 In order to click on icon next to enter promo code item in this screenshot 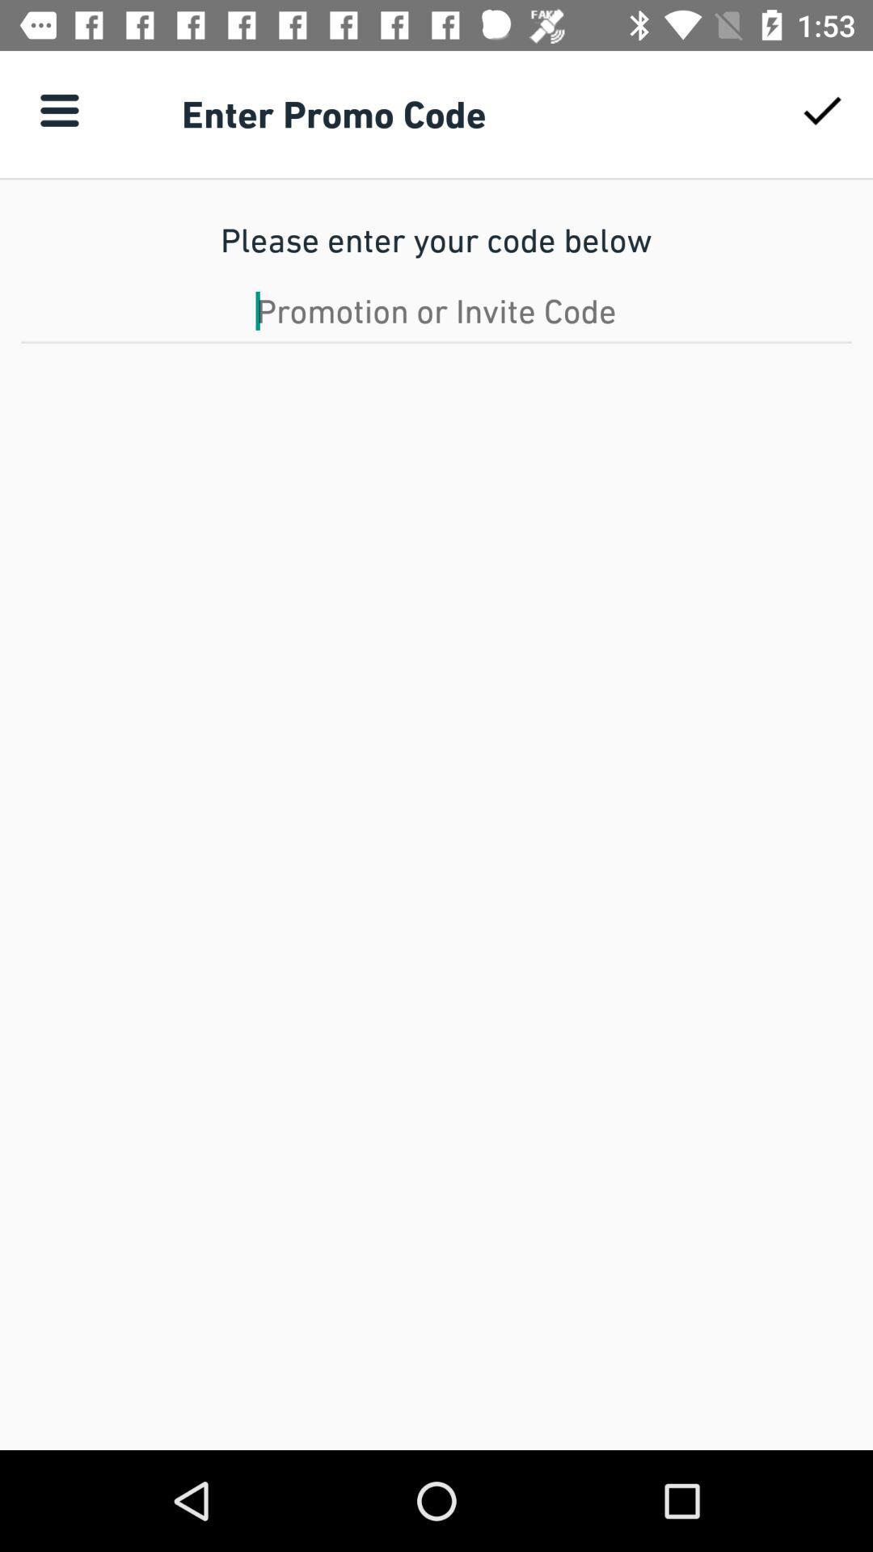, I will do `click(822, 109)`.